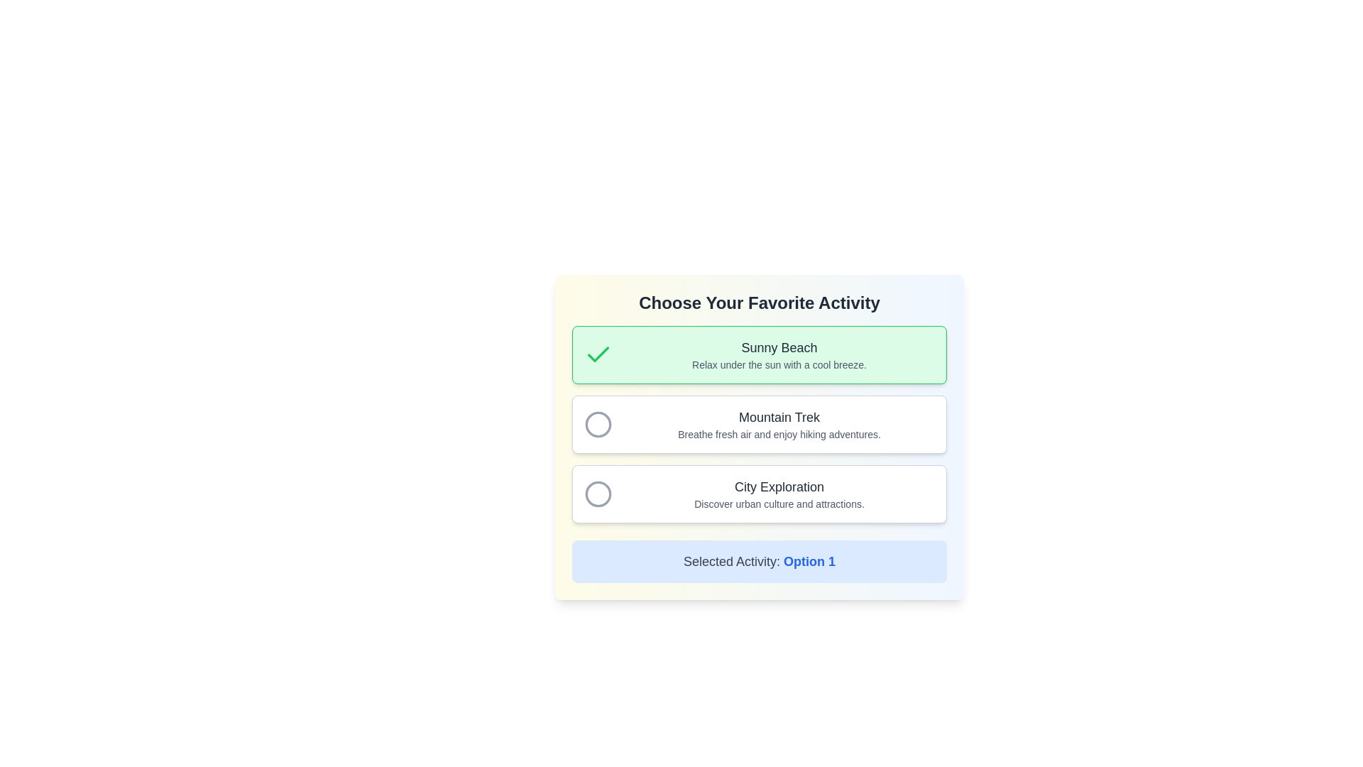 The image size is (1363, 767). What do you see at coordinates (598, 423) in the screenshot?
I see `the unselected radio button for the 'Mountain Trek' option in the selection interface` at bounding box center [598, 423].